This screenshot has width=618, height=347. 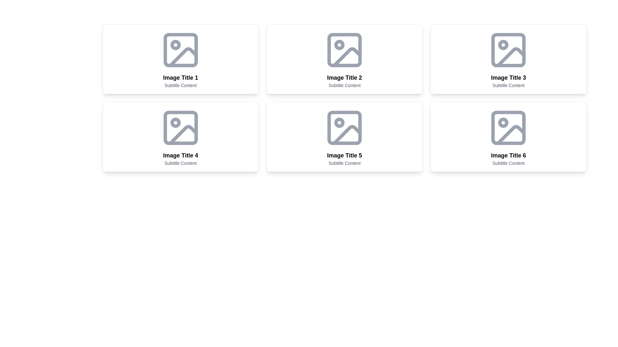 What do you see at coordinates (508, 77) in the screenshot?
I see `the text 'Image Title 3'` at bounding box center [508, 77].